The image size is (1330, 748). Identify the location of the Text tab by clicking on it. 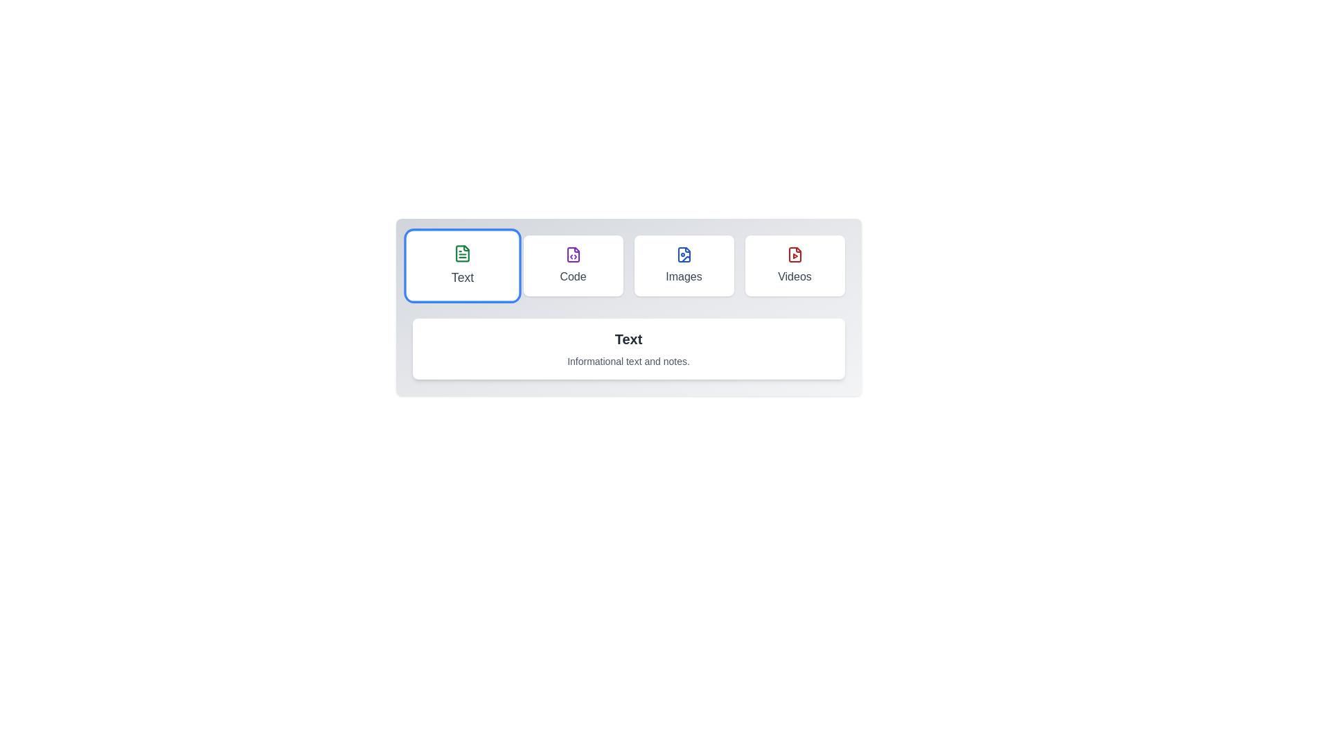
(462, 266).